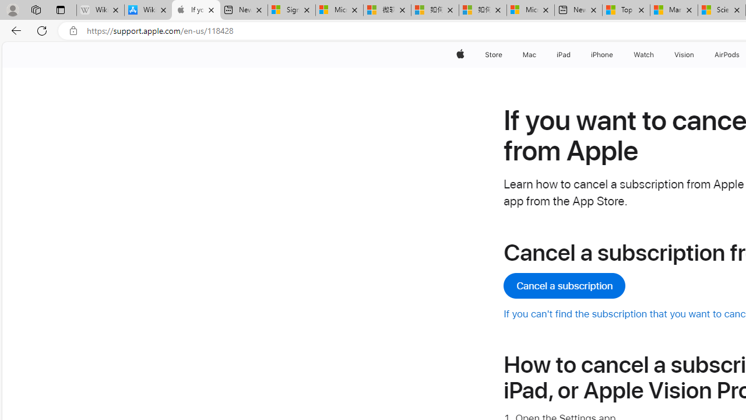 This screenshot has width=746, height=420. What do you see at coordinates (685, 54) in the screenshot?
I see `'Vision'` at bounding box center [685, 54].